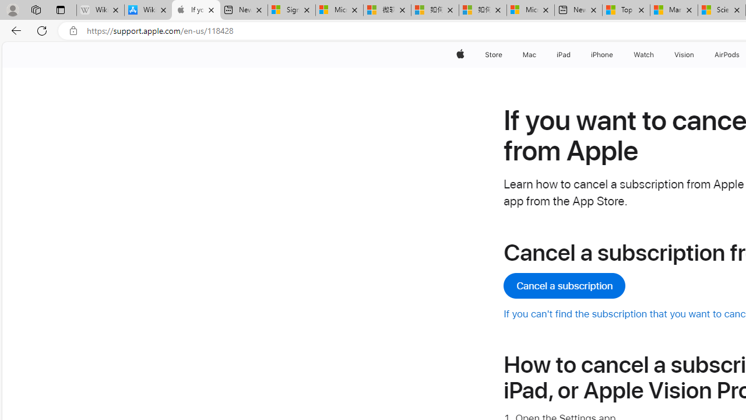 This screenshot has width=746, height=420. What do you see at coordinates (685, 54) in the screenshot?
I see `'Vision'` at bounding box center [685, 54].